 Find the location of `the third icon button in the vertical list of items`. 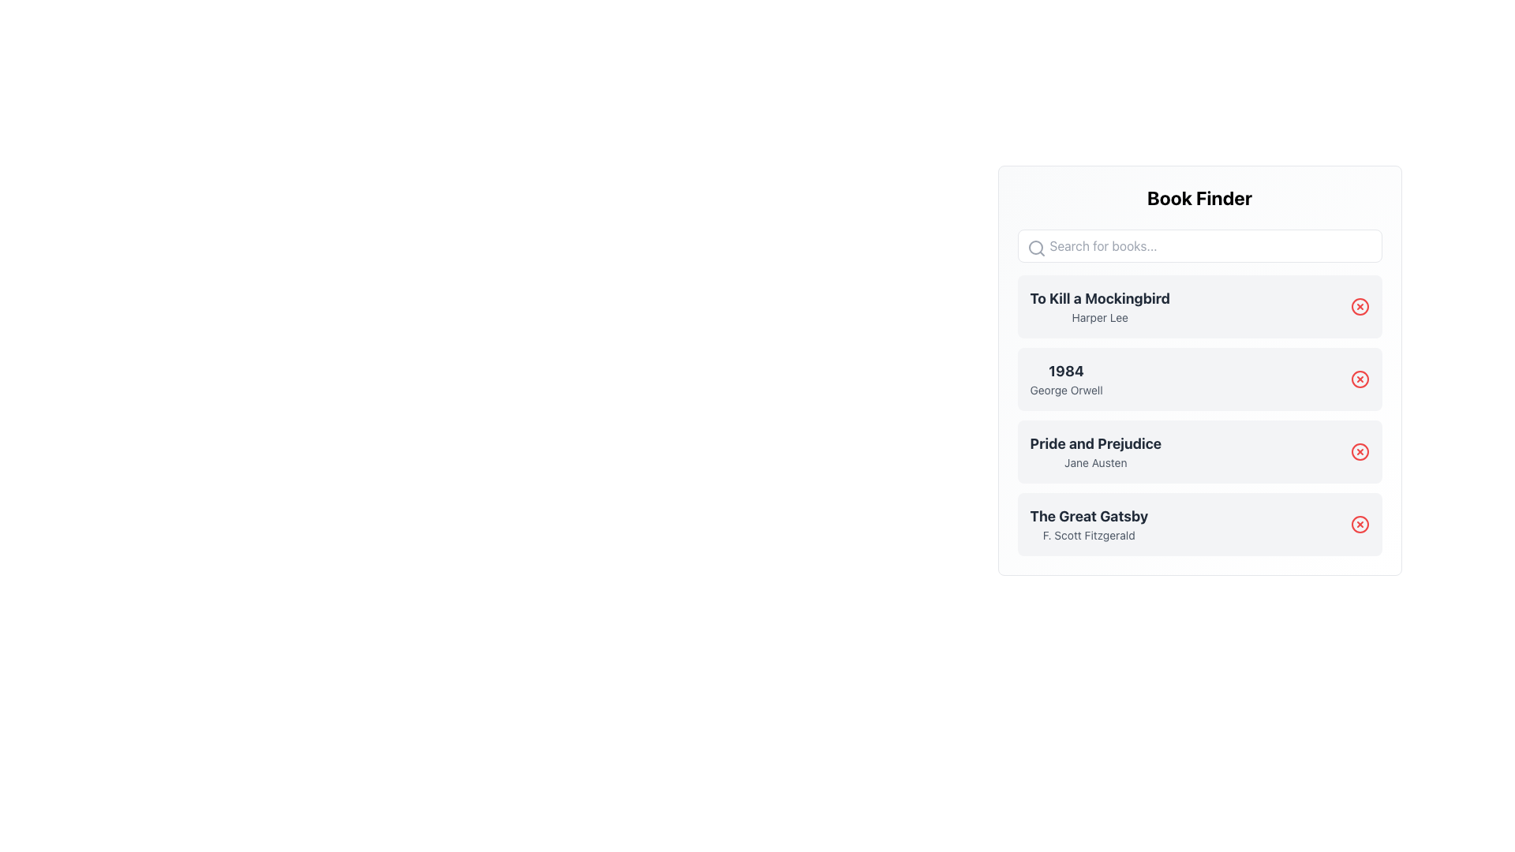

the third icon button in the vertical list of items is located at coordinates (1359, 452).